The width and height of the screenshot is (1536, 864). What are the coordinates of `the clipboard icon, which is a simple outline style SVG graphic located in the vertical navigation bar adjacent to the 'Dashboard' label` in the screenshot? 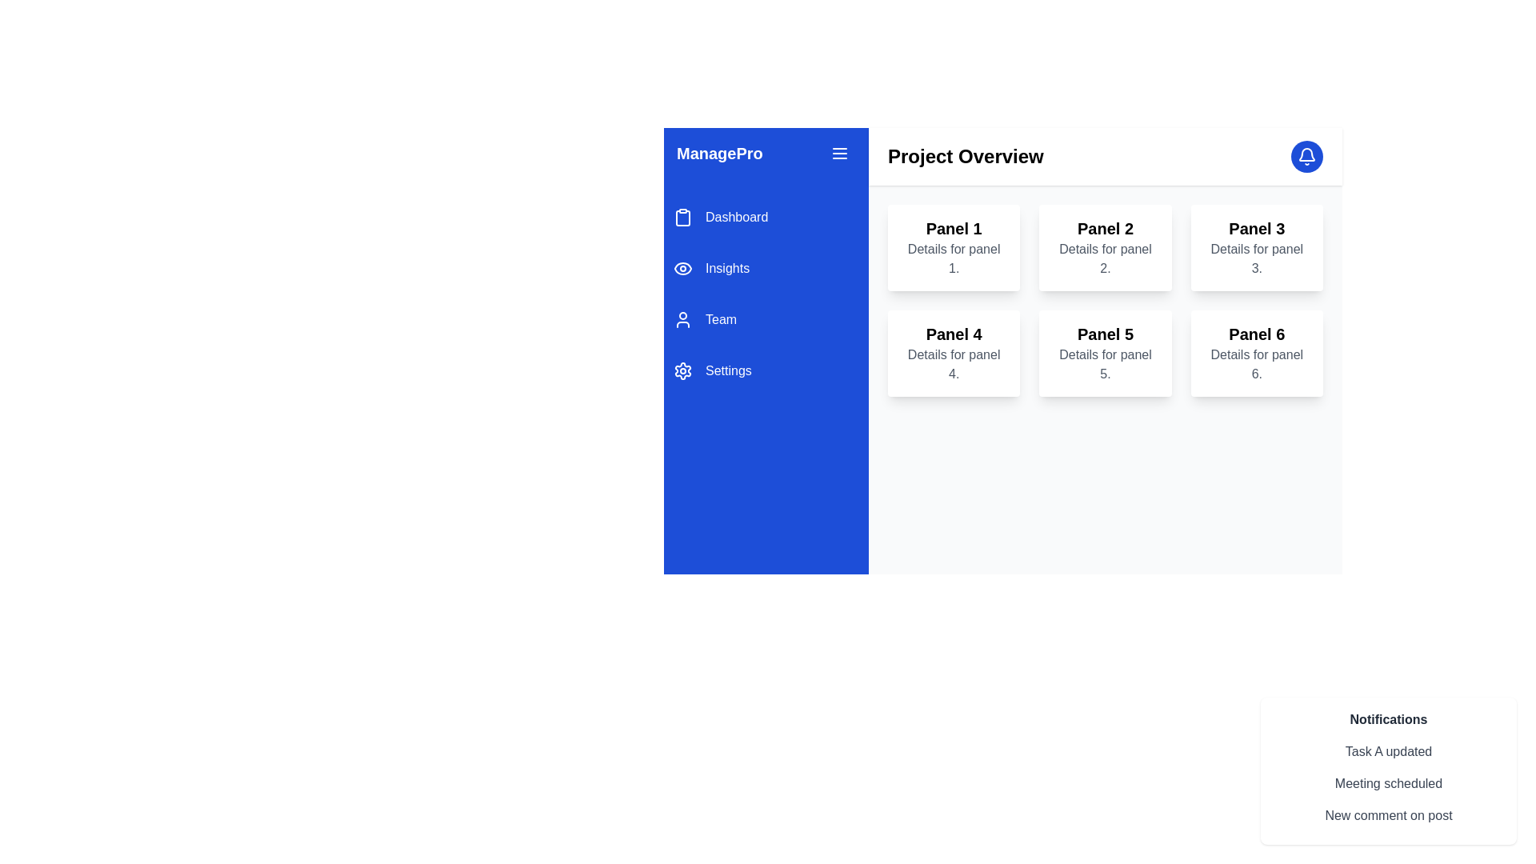 It's located at (683, 218).